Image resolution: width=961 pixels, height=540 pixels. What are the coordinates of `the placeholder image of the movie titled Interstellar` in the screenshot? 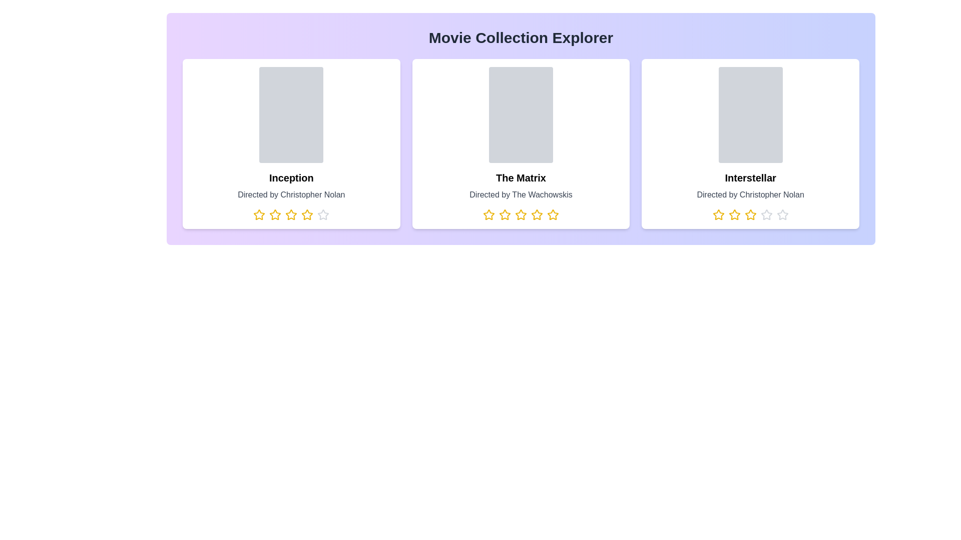 It's located at (750, 114).